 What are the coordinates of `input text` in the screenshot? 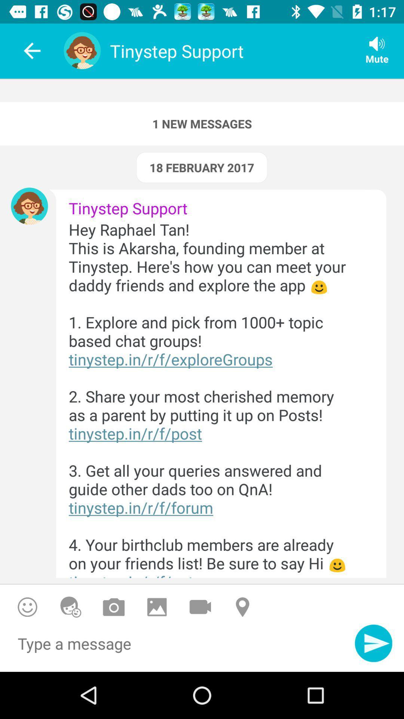 It's located at (177, 647).